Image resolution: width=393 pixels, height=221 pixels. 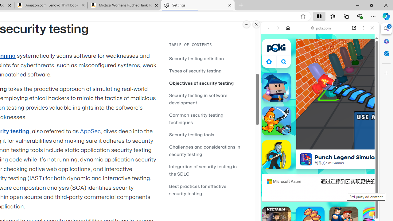 I want to click on 'Integration of security testing in the SDLC', so click(x=203, y=170).